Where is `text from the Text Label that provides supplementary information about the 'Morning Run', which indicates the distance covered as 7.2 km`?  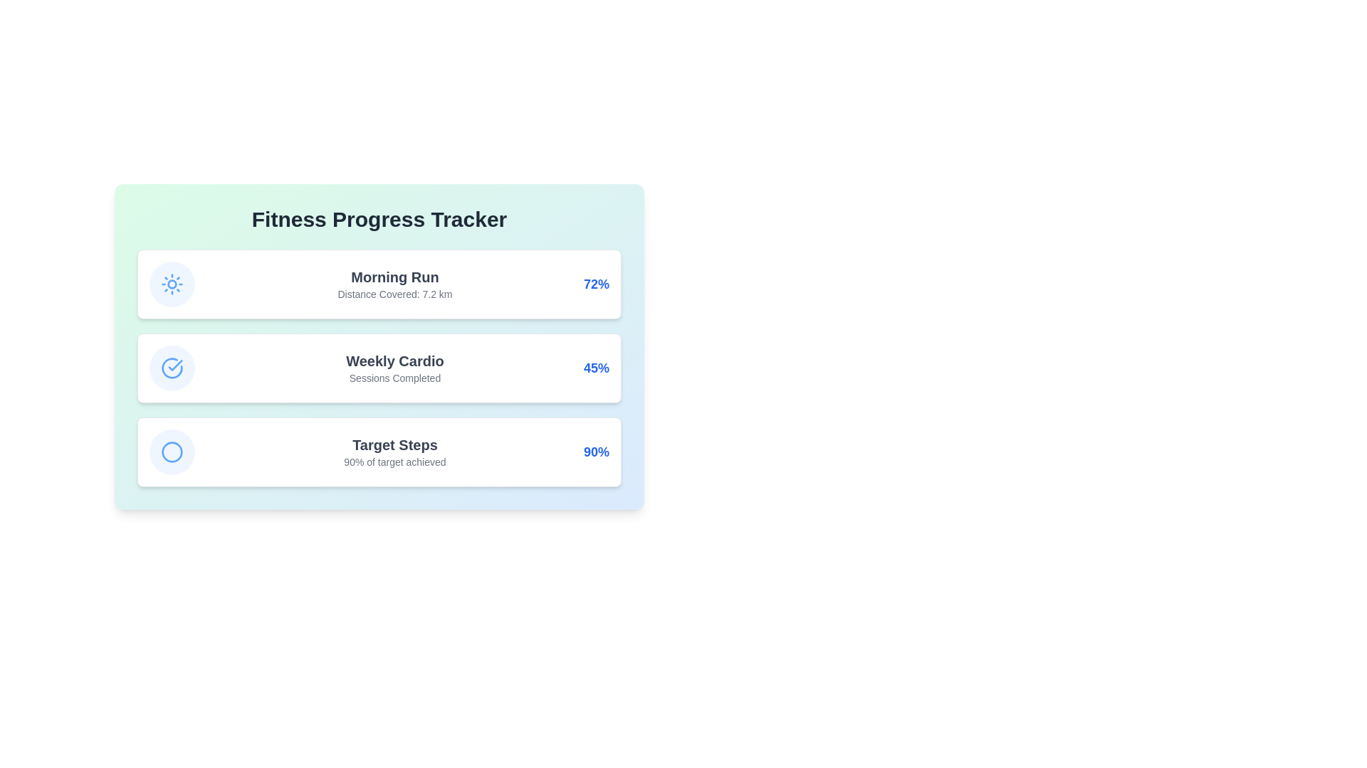
text from the Text Label that provides supplementary information about the 'Morning Run', which indicates the distance covered as 7.2 km is located at coordinates (395, 293).